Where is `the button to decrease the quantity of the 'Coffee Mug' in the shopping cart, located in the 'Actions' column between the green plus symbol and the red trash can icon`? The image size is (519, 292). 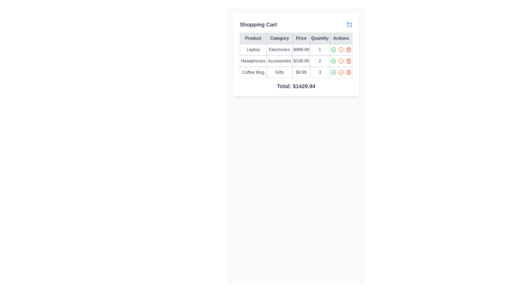
the button to decrease the quantity of the 'Coffee Mug' in the shopping cart, located in the 'Actions' column between the green plus symbol and the red trash can icon is located at coordinates (341, 72).